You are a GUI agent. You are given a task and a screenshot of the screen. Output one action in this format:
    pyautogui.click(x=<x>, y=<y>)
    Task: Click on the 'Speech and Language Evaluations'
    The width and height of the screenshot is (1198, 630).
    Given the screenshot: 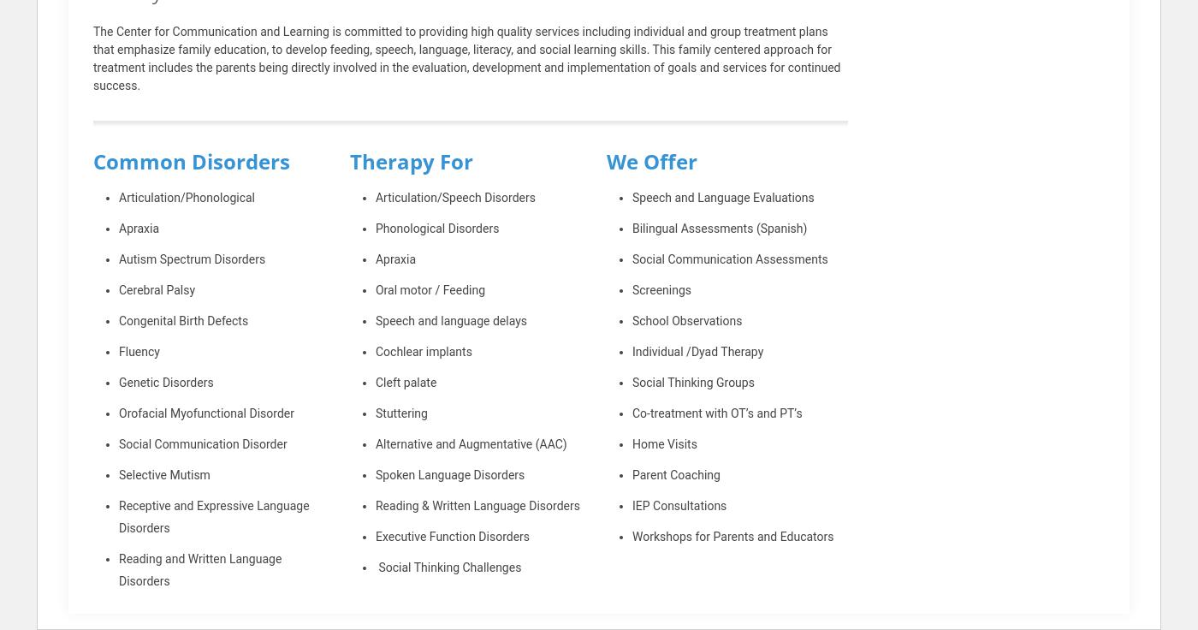 What is the action you would take?
    pyautogui.click(x=722, y=198)
    